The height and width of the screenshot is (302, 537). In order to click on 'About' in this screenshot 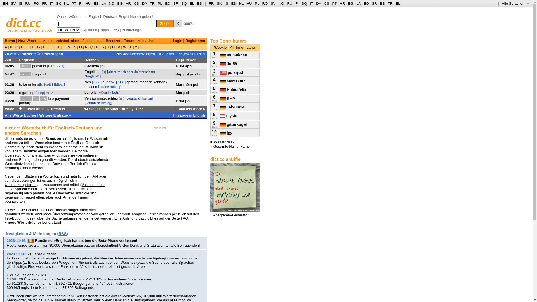, I will do `click(47, 40)`.